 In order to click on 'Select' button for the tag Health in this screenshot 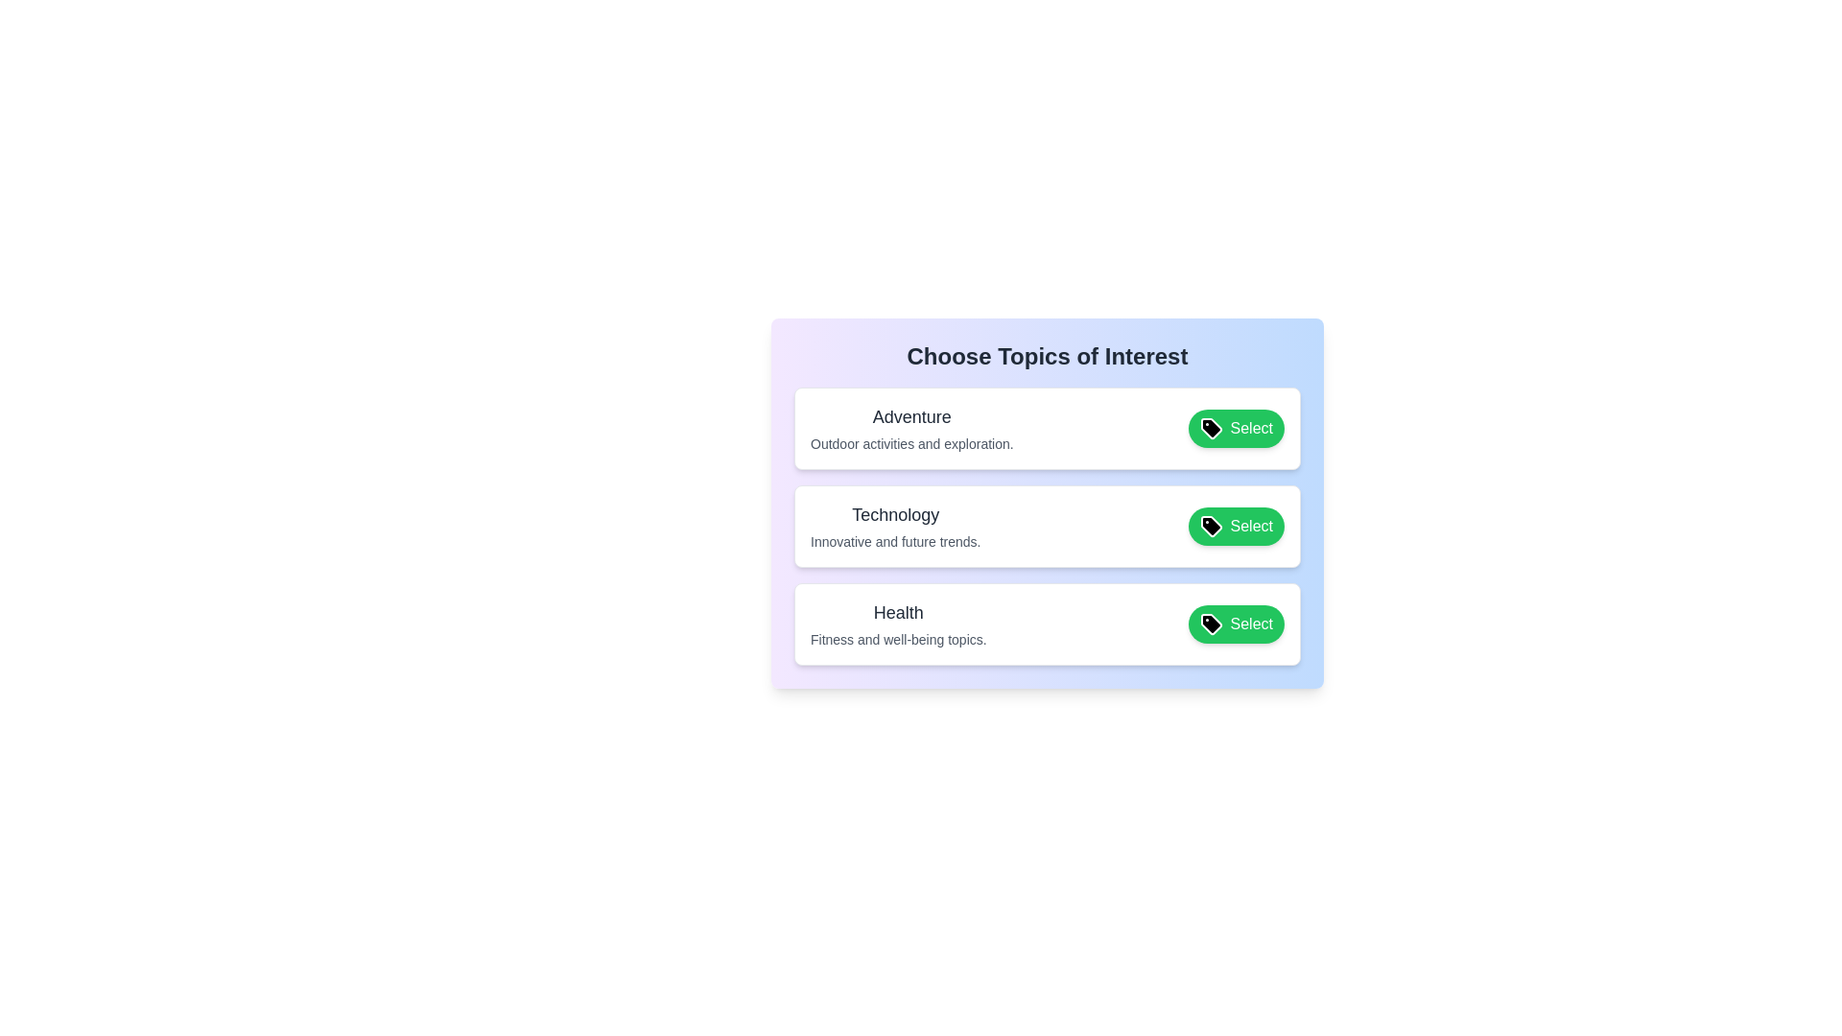, I will do `click(1236, 624)`.